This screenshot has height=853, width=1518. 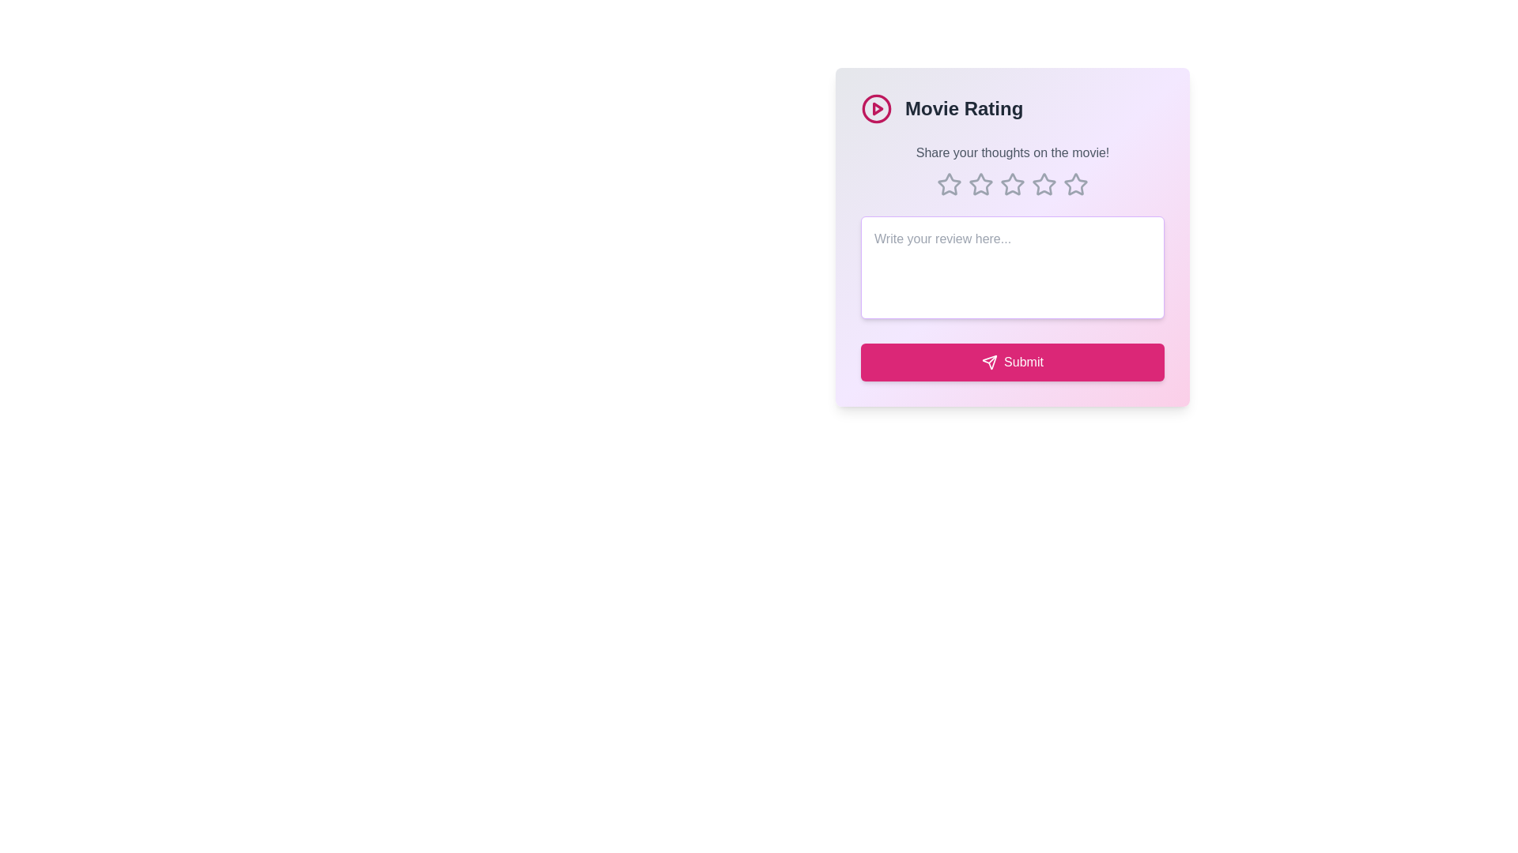 What do you see at coordinates (989, 363) in the screenshot?
I see `the submission icon located on the left side of the 'Submit' button at the bottom of the form interface` at bounding box center [989, 363].